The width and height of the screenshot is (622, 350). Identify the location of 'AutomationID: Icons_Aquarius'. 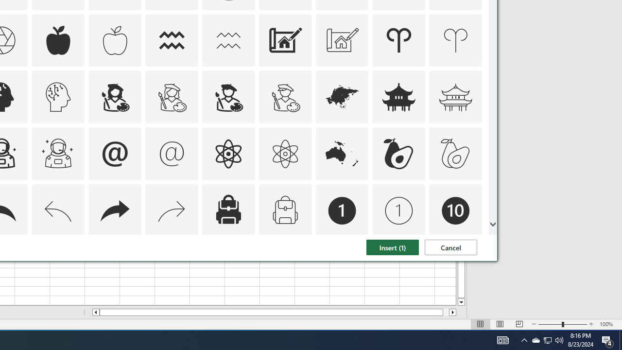
(172, 39).